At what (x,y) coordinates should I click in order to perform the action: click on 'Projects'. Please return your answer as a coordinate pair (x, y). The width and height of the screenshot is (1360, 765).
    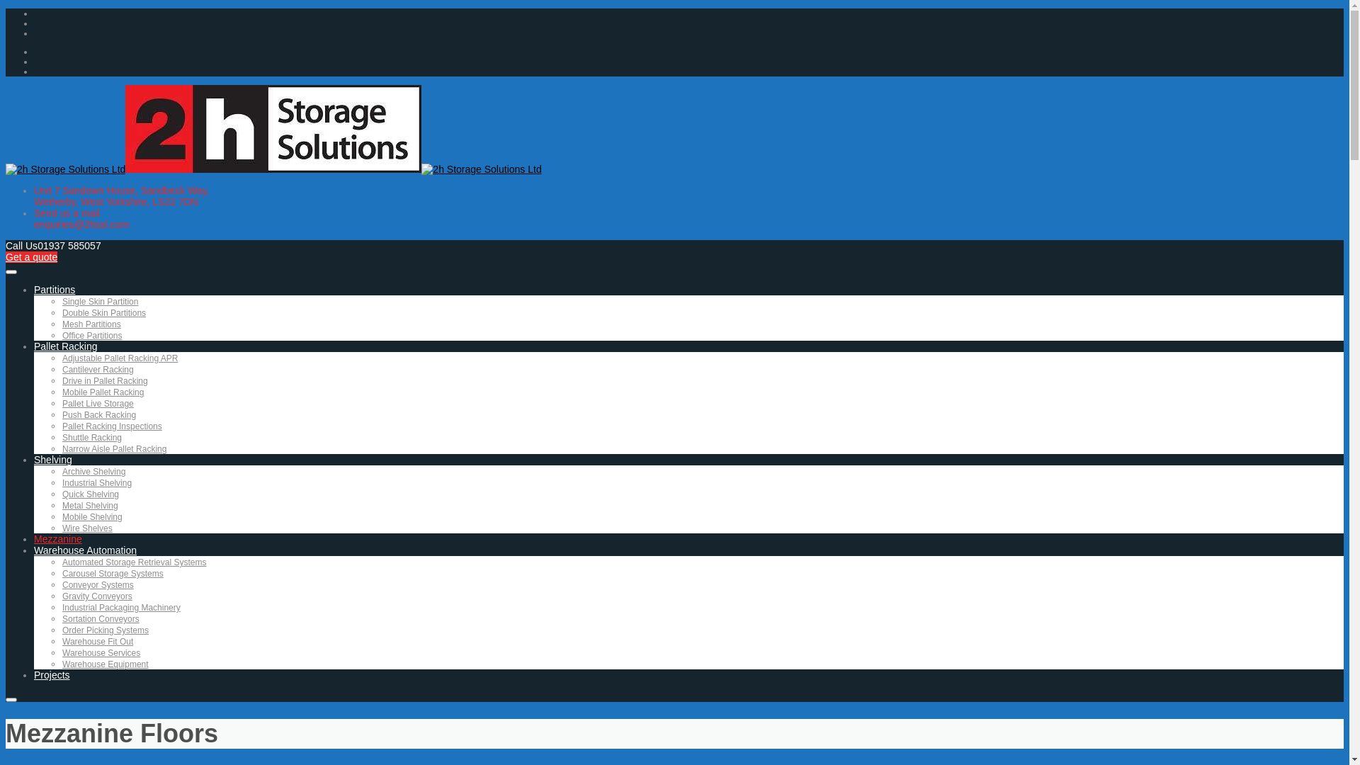
    Looking at the image, I should click on (52, 674).